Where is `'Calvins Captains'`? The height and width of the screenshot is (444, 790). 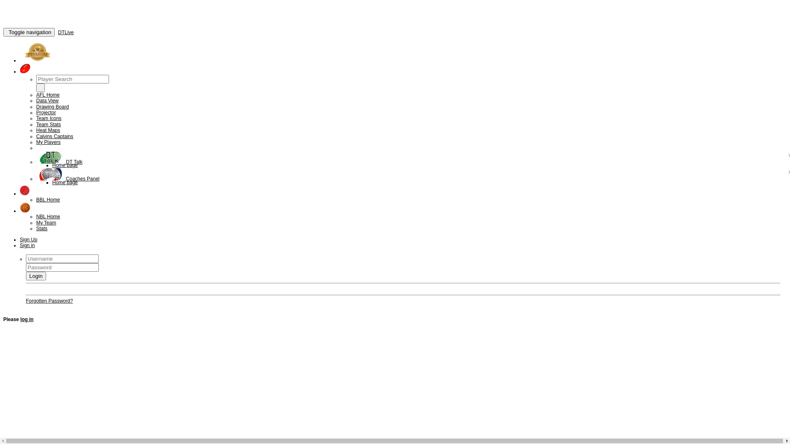
'Calvins Captains' is located at coordinates (54, 136).